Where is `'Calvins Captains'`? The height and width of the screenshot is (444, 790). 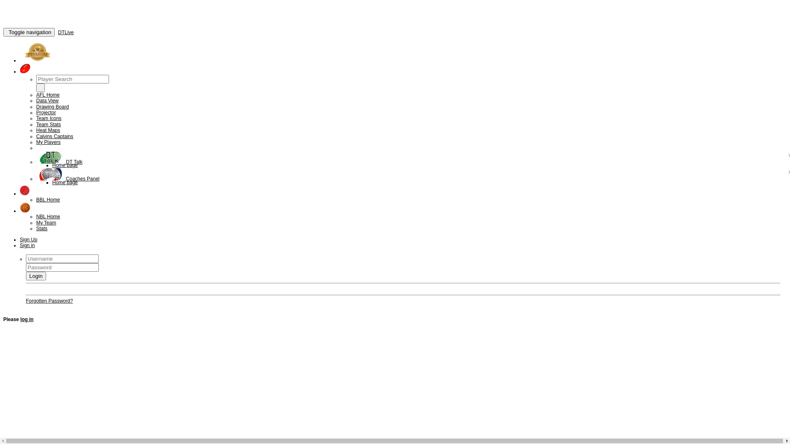
'Calvins Captains' is located at coordinates (54, 136).